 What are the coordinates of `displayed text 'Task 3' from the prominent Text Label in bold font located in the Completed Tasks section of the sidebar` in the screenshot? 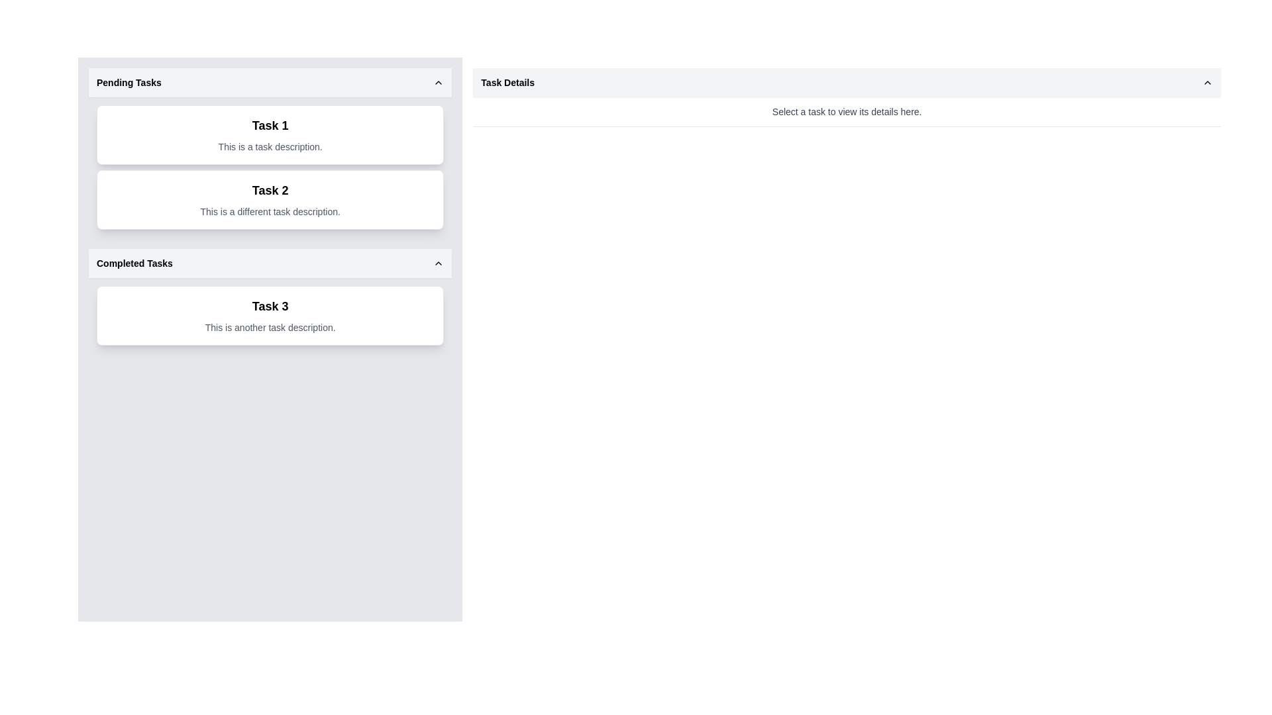 It's located at (270, 306).